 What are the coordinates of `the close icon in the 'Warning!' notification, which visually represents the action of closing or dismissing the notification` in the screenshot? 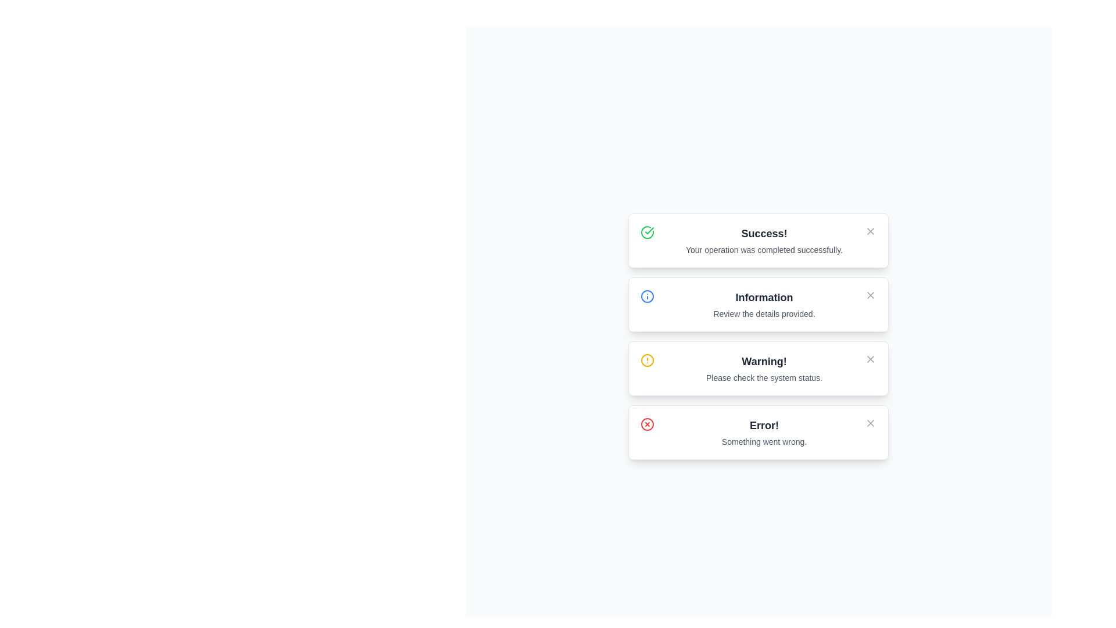 It's located at (870, 358).